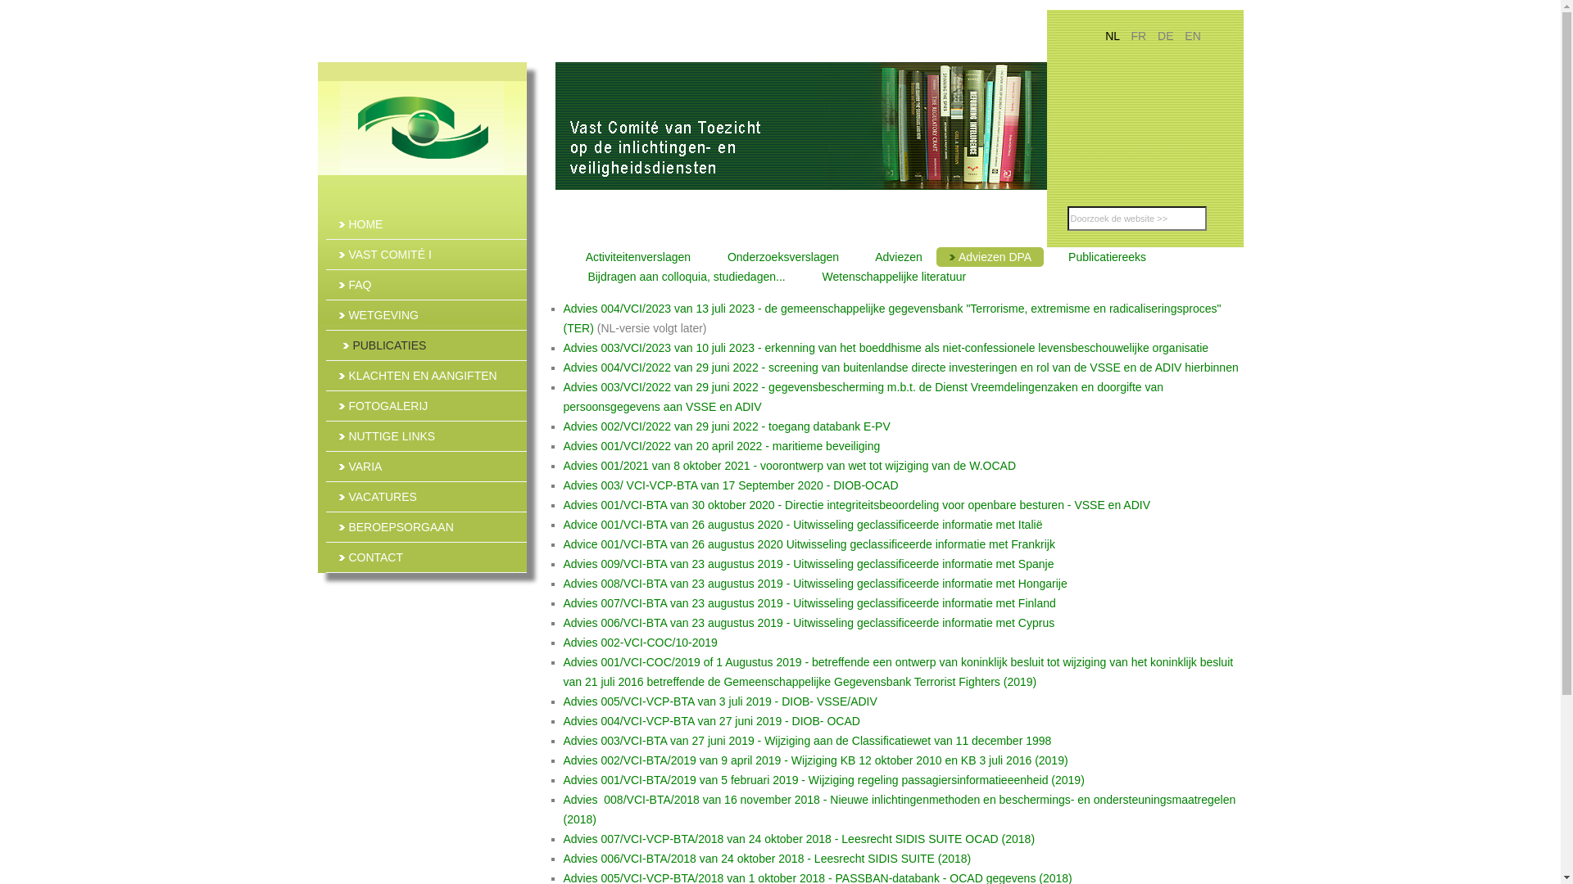 The height and width of the screenshot is (884, 1573). Describe the element at coordinates (681, 276) in the screenshot. I see `'Bijdragen aan colloquia, studiedagen...'` at that location.